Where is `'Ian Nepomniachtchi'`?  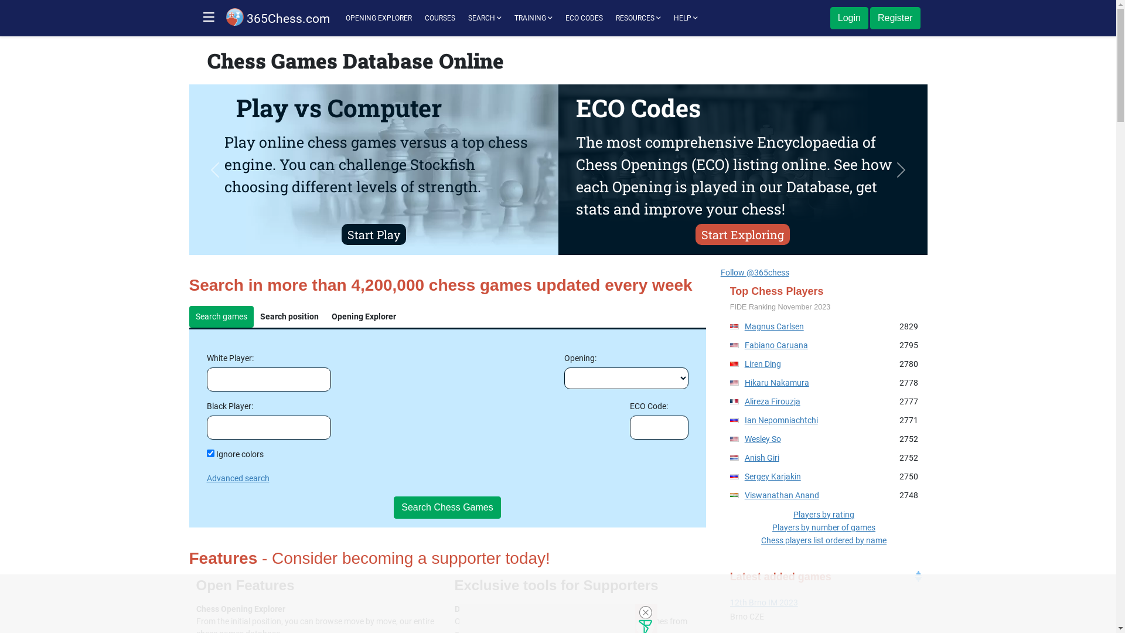
'Ian Nepomniachtchi' is located at coordinates (744, 420).